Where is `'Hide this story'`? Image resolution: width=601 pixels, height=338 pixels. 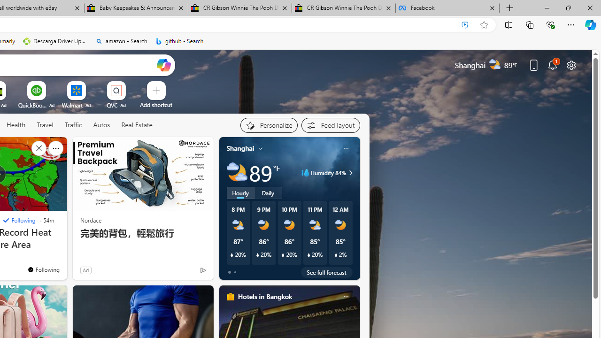 'Hide this story' is located at coordinates (38, 148).